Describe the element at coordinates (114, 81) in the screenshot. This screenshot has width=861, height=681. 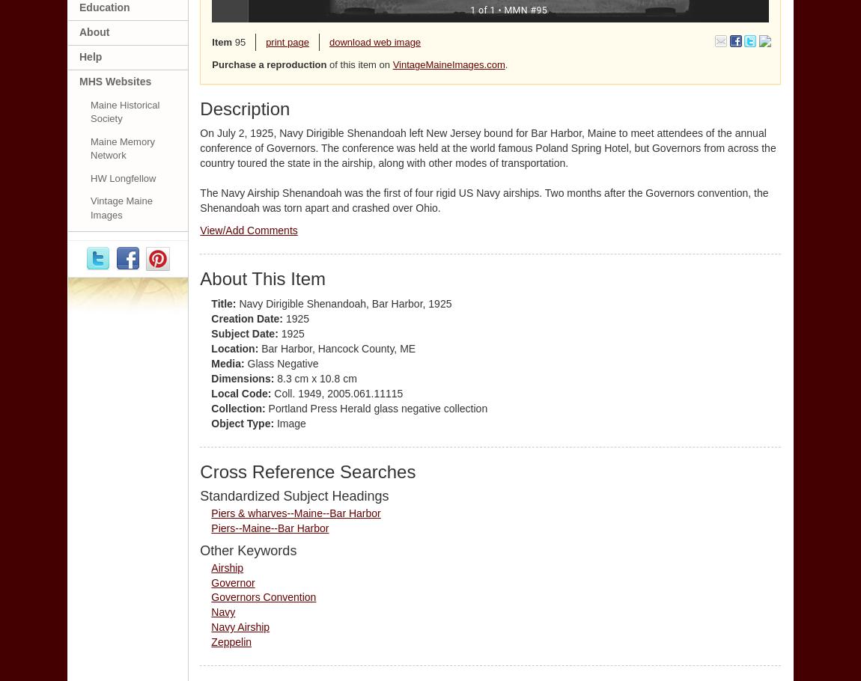
I see `'MHS Websites'` at that location.